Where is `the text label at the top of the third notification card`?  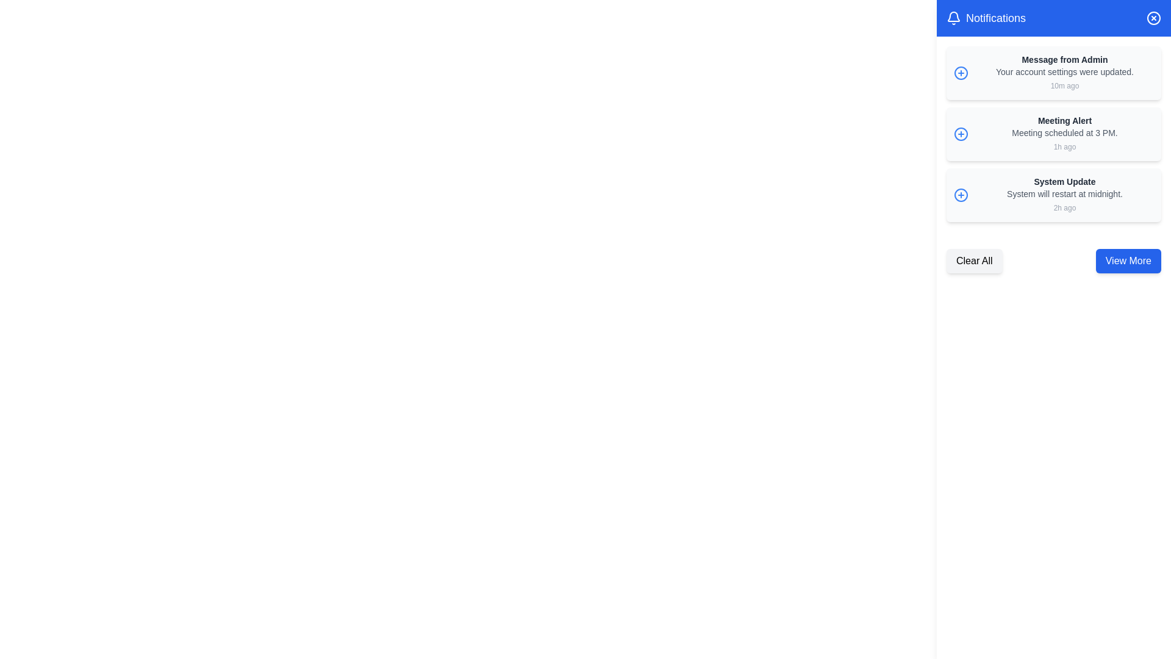 the text label at the top of the third notification card is located at coordinates (1064, 181).